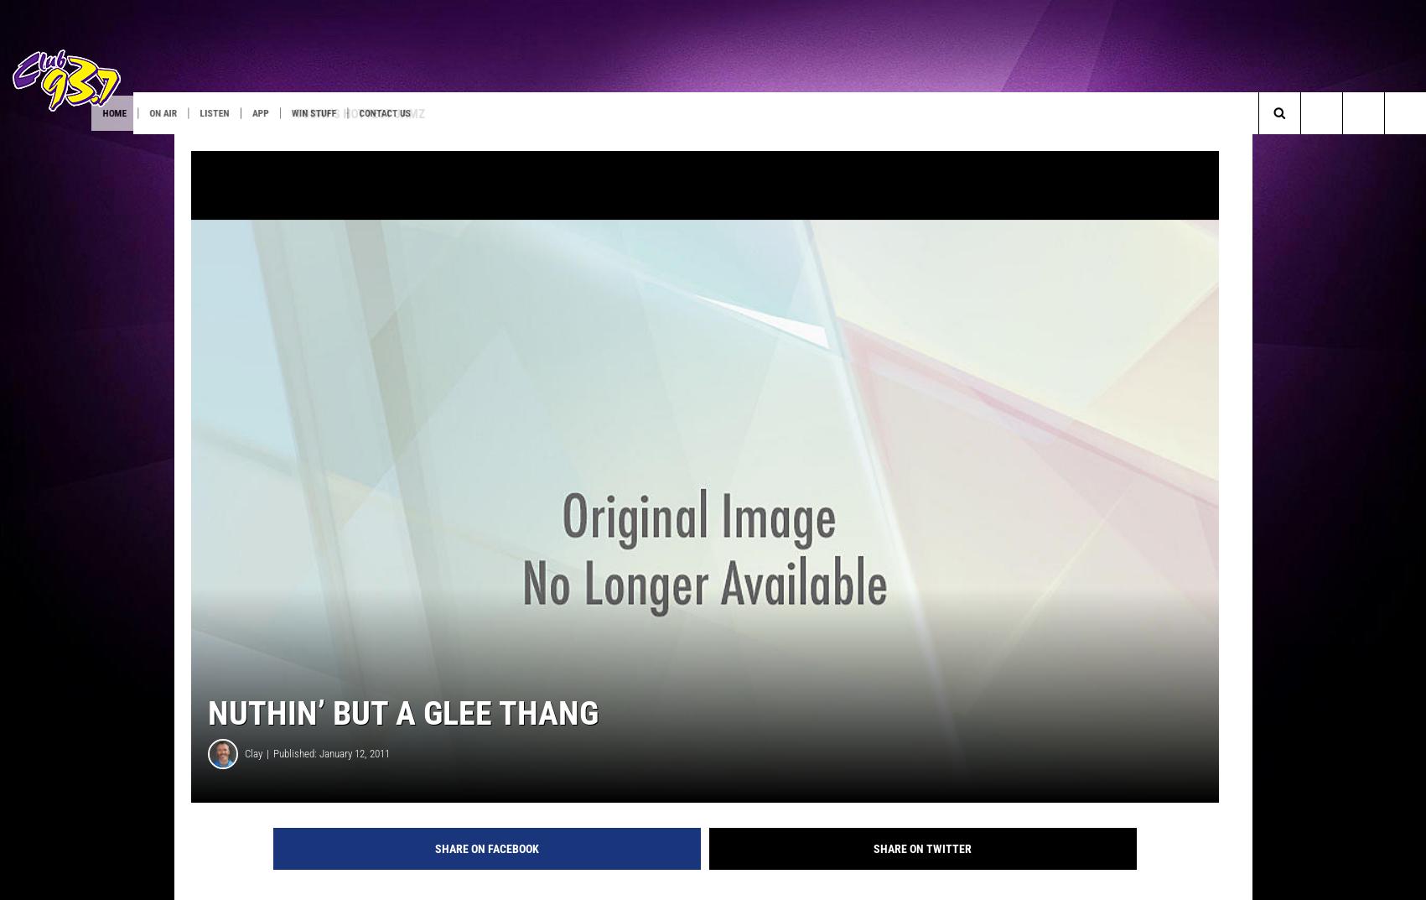  I want to click on 'TODAY'S HOTTEST JAMZ', so click(407, 112).